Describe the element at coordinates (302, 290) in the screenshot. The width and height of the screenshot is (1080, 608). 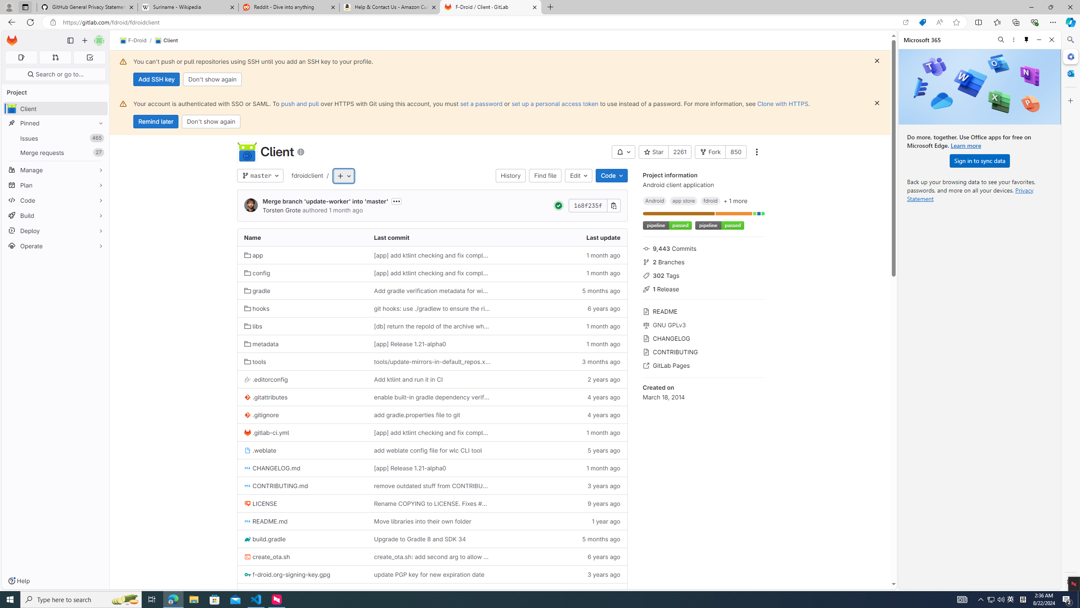
I see `'gradle'` at that location.